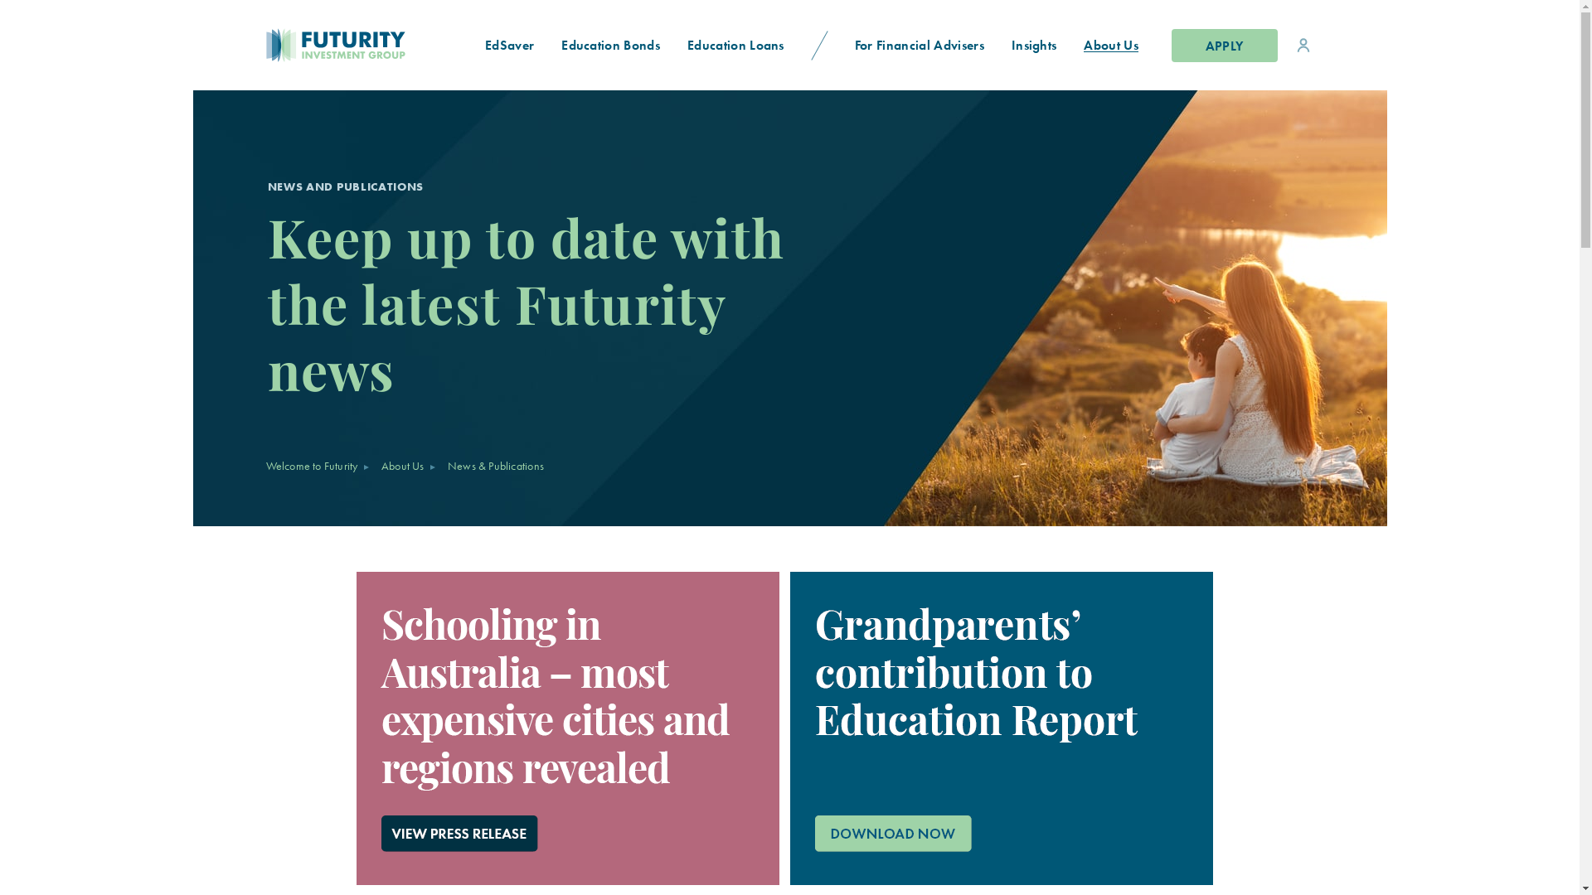  What do you see at coordinates (1224, 44) in the screenshot?
I see `'APPLY'` at bounding box center [1224, 44].